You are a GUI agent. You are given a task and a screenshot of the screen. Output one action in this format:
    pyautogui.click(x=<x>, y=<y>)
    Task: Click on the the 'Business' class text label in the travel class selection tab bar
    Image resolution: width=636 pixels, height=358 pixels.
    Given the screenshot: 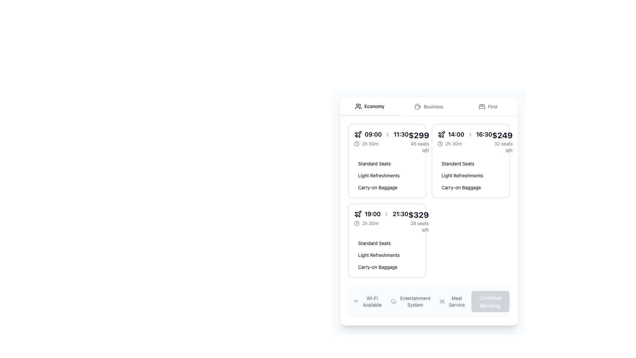 What is the action you would take?
    pyautogui.click(x=434, y=106)
    